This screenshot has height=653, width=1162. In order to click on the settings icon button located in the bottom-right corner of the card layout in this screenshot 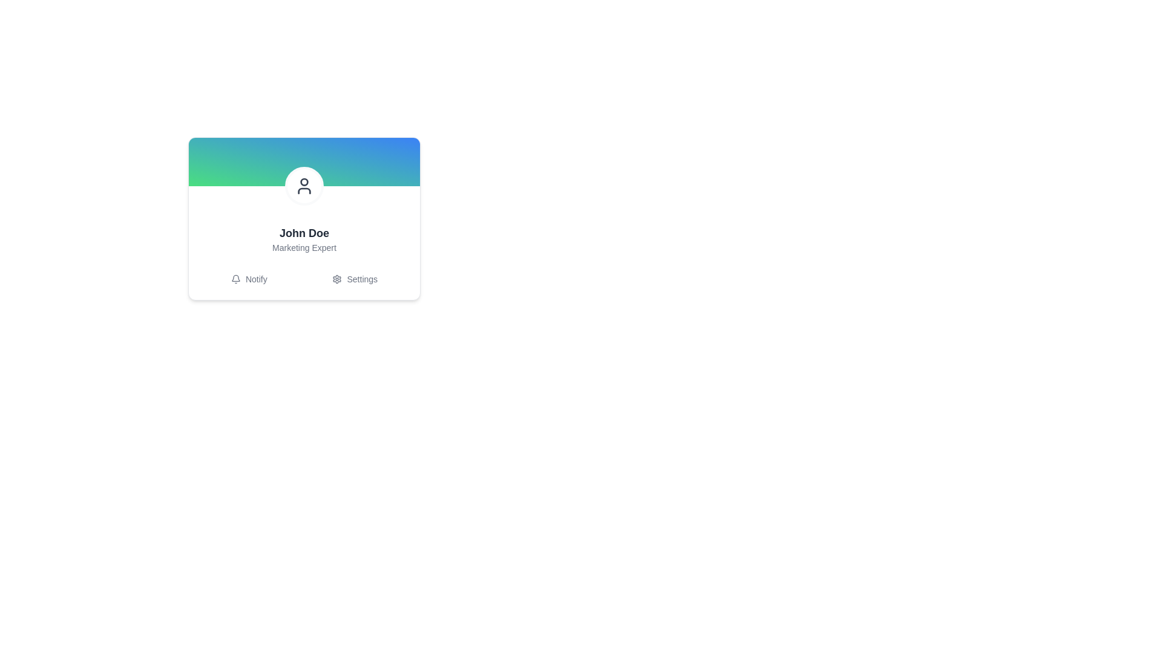, I will do `click(337, 279)`.